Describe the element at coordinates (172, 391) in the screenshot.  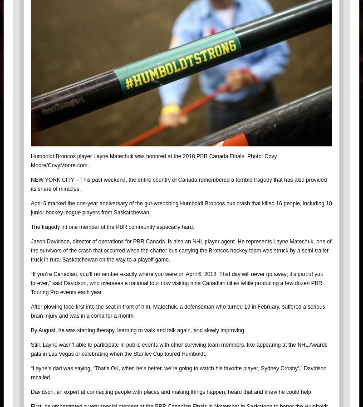
I see `'Davidson, an expert at connecting people with places and making things happen, heard that and knew he could help.'` at that location.